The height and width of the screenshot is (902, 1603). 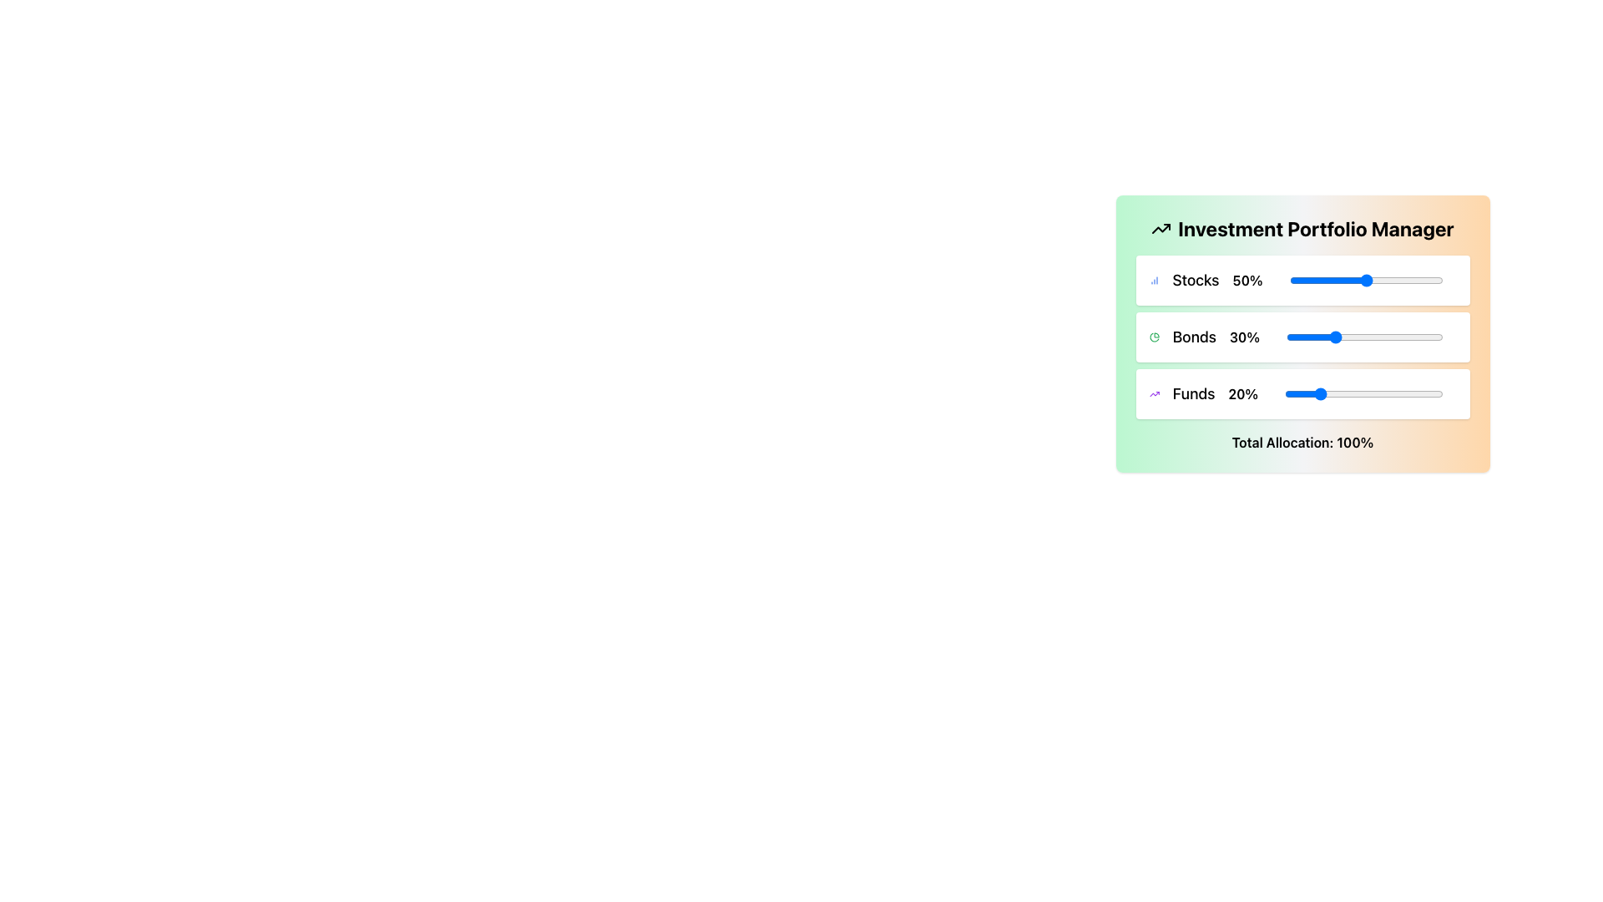 I want to click on the 'Bonds' allocation, so click(x=1373, y=337).